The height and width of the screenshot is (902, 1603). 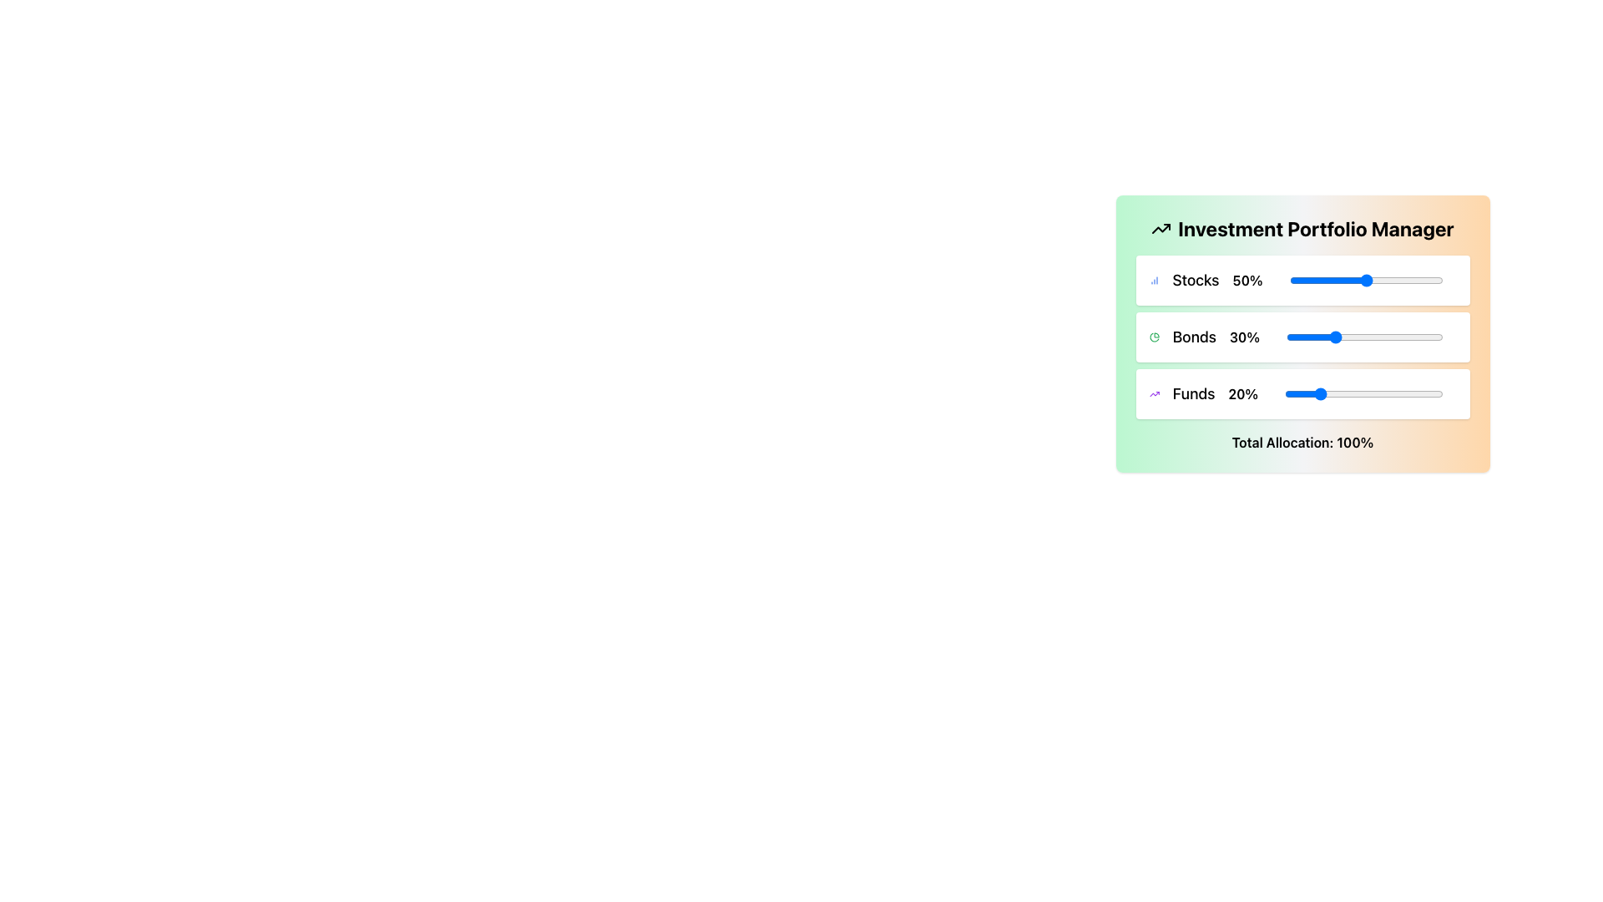 I want to click on the 'Bonds' allocation, so click(x=1373, y=337).